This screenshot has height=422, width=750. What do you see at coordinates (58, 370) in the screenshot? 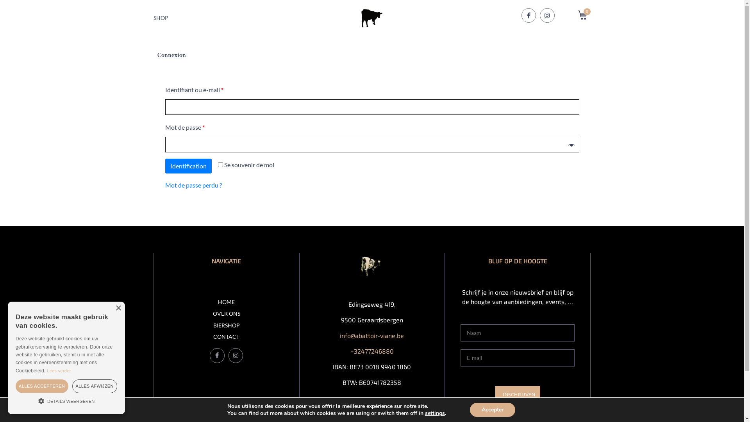
I see `'Lees verder'` at bounding box center [58, 370].